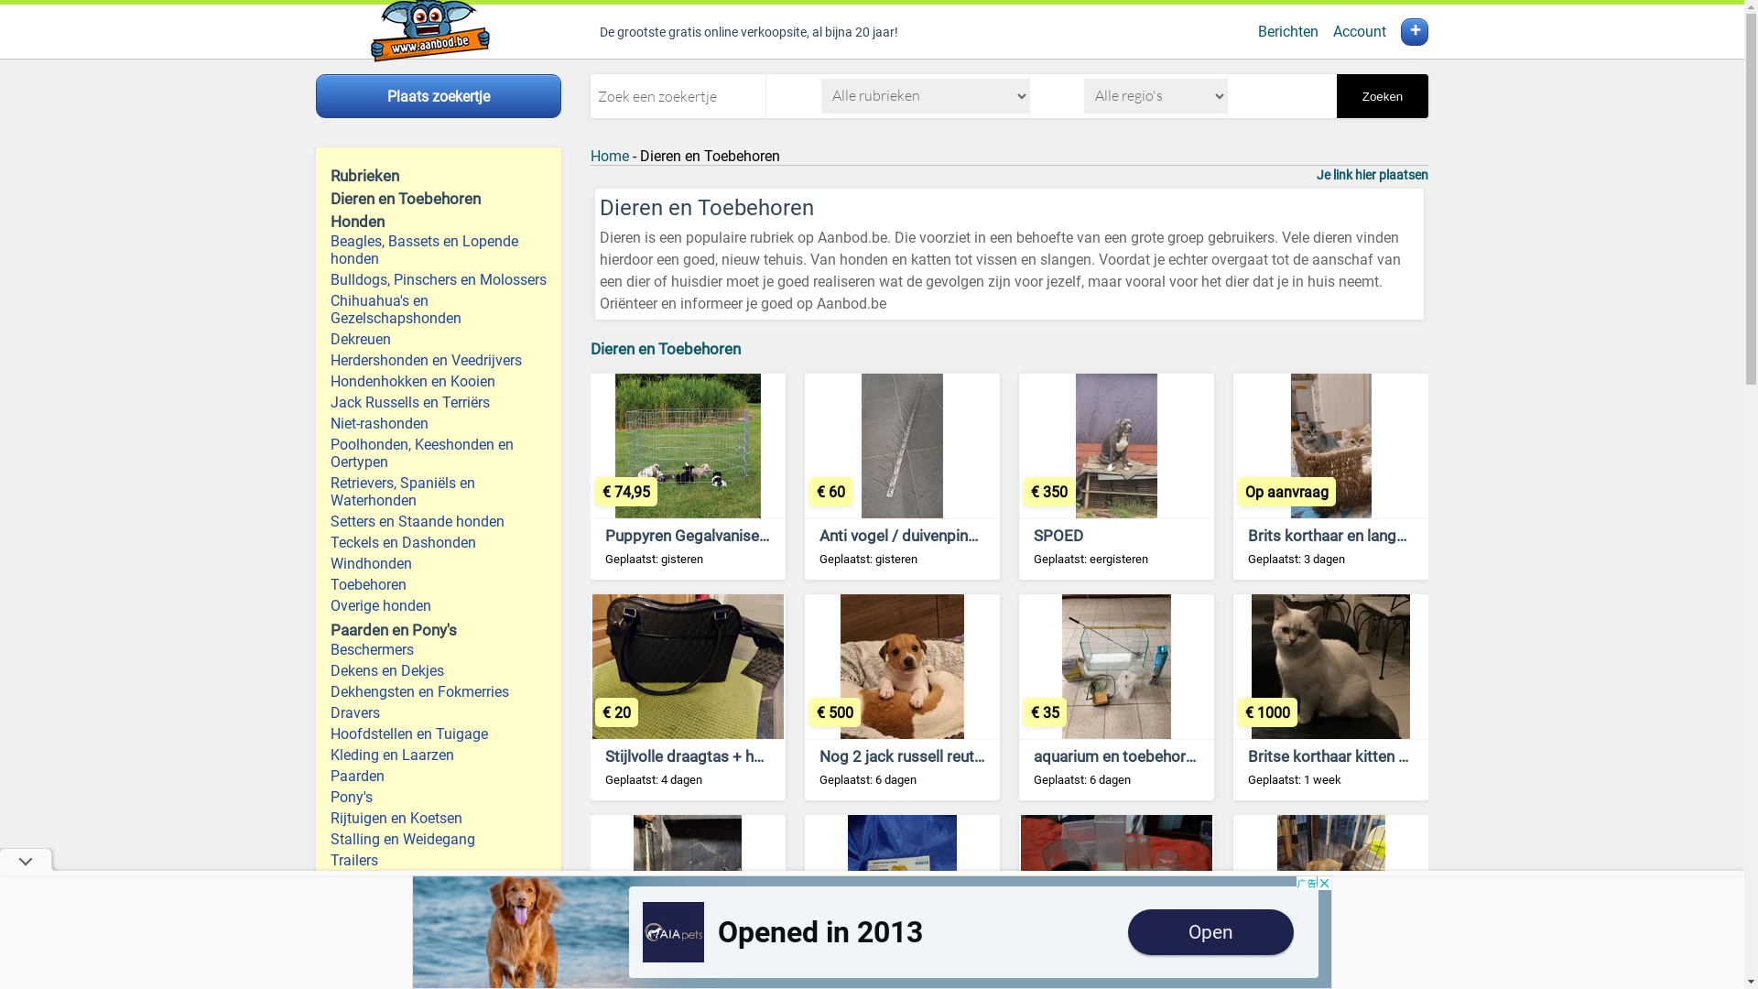 This screenshot has width=1758, height=989. I want to click on 'Dekreuen', so click(438, 339).